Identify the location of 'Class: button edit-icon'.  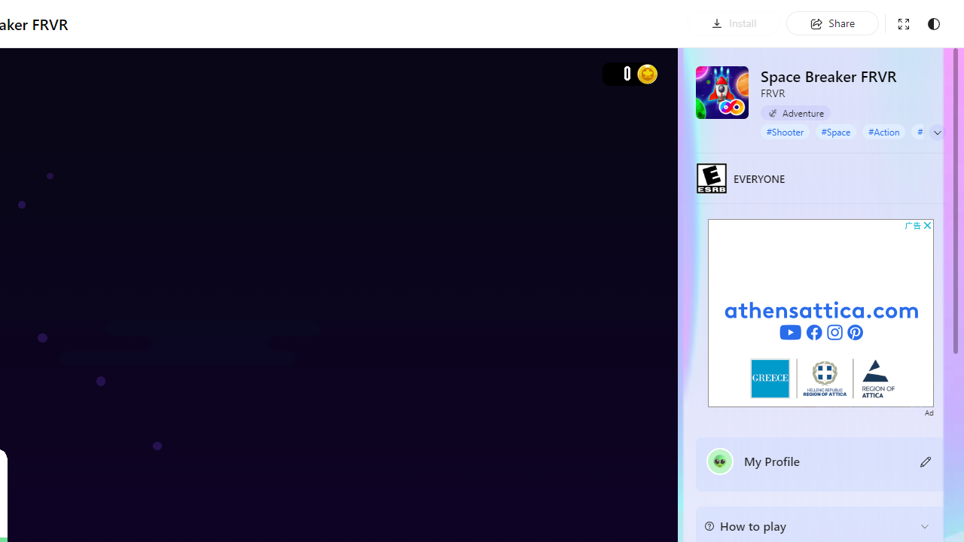
(926, 460).